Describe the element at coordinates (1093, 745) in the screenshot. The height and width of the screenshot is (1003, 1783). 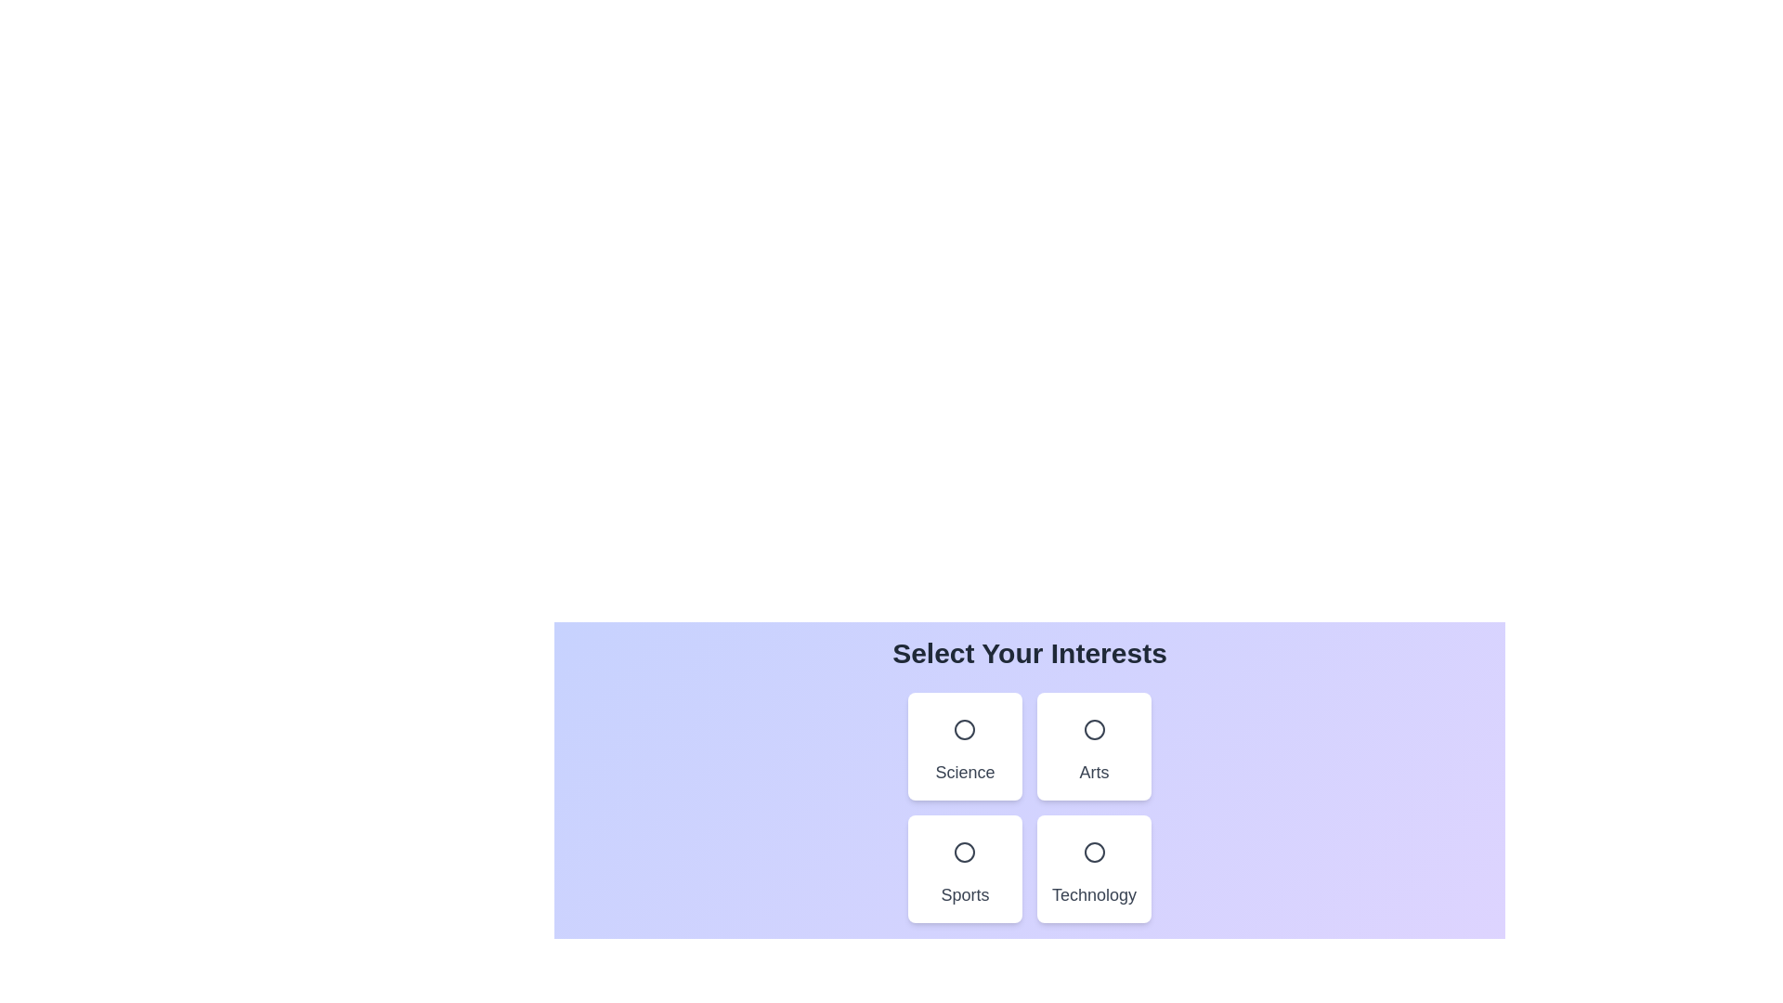
I see `the category card for Arts` at that location.